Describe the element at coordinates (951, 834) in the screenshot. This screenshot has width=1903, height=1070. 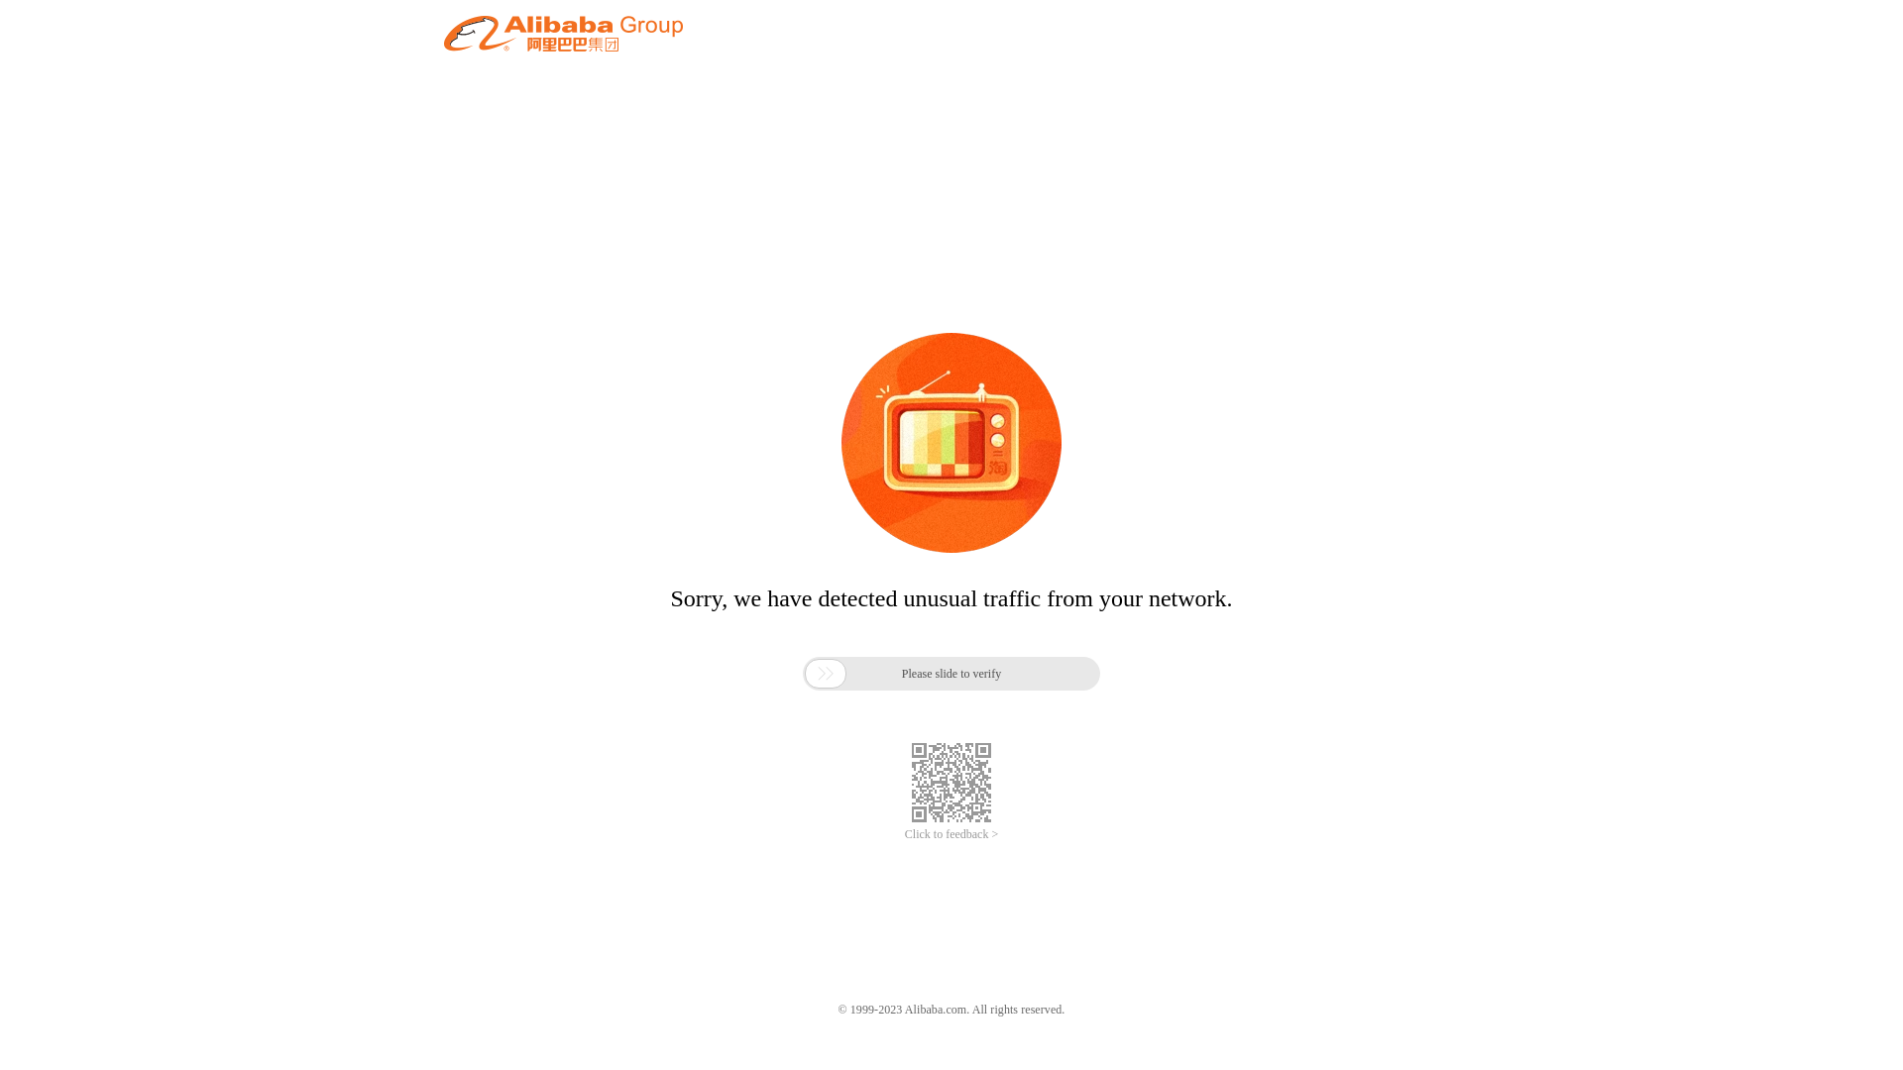
I see `'Click to feedback >'` at that location.